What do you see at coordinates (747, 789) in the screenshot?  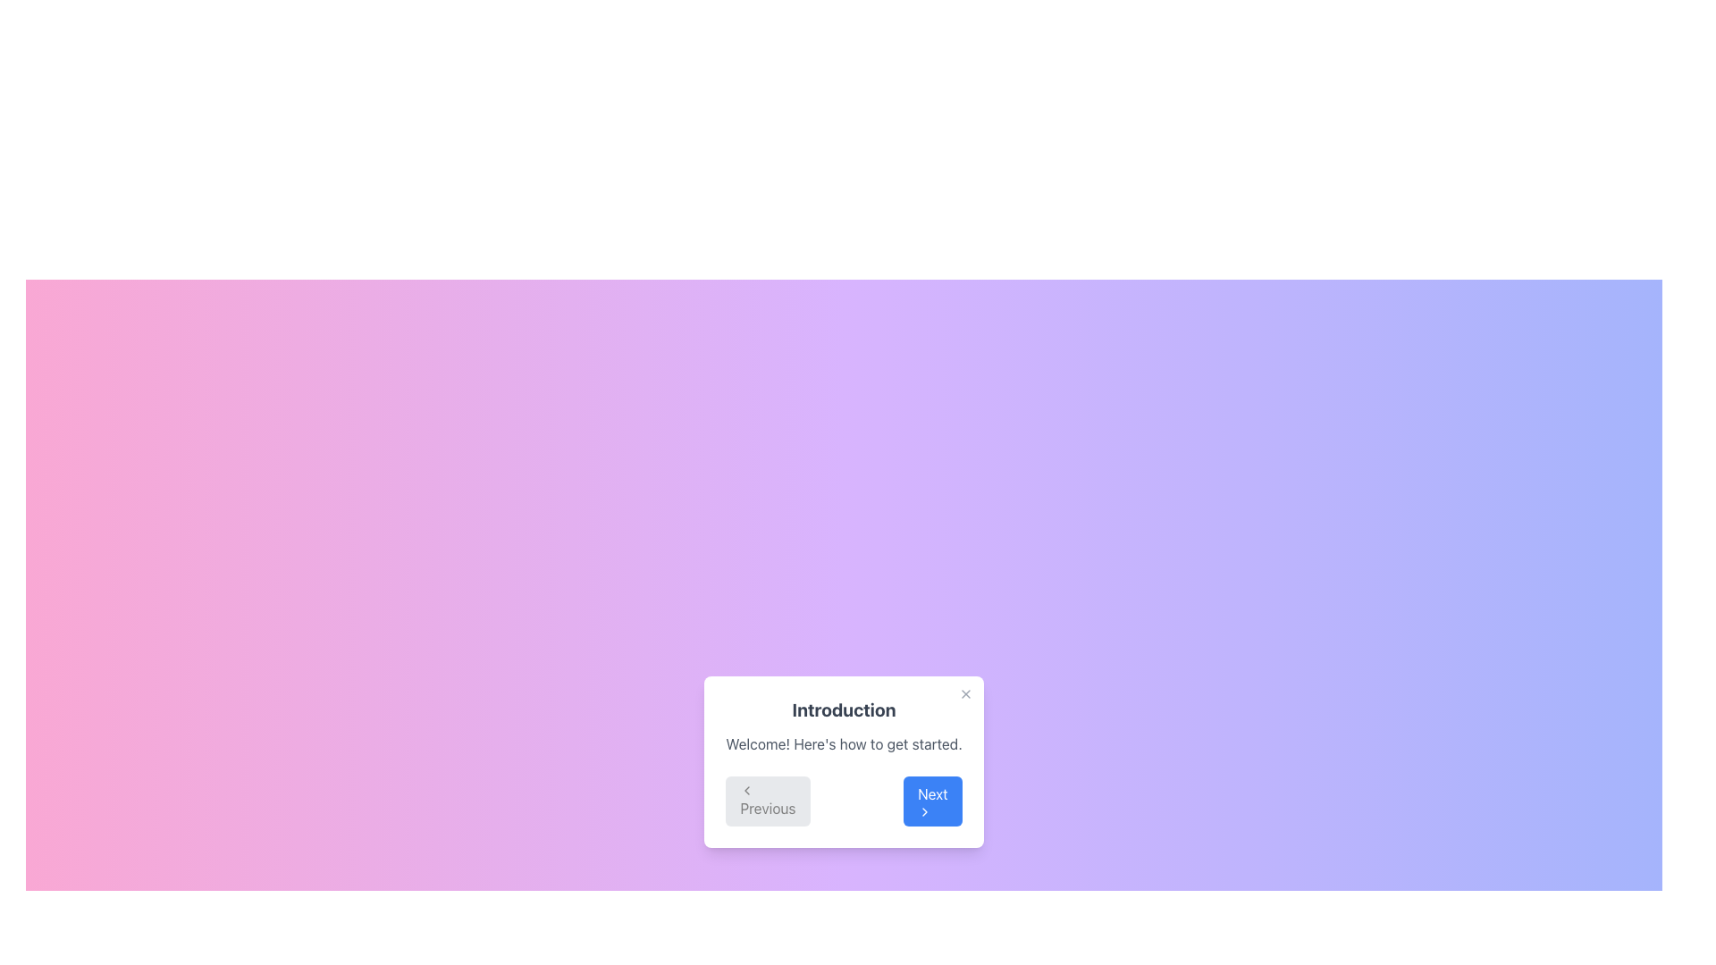 I see `the backward action icon located to the left of the 'Previous' button in the modal, indicating a navigation to the previous step` at bounding box center [747, 789].